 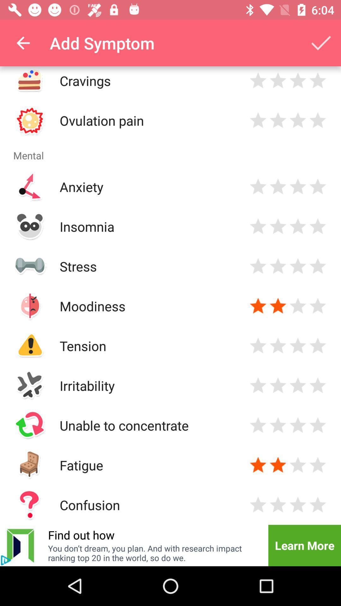 I want to click on icon to the left of the find out how, so click(x=20, y=545).